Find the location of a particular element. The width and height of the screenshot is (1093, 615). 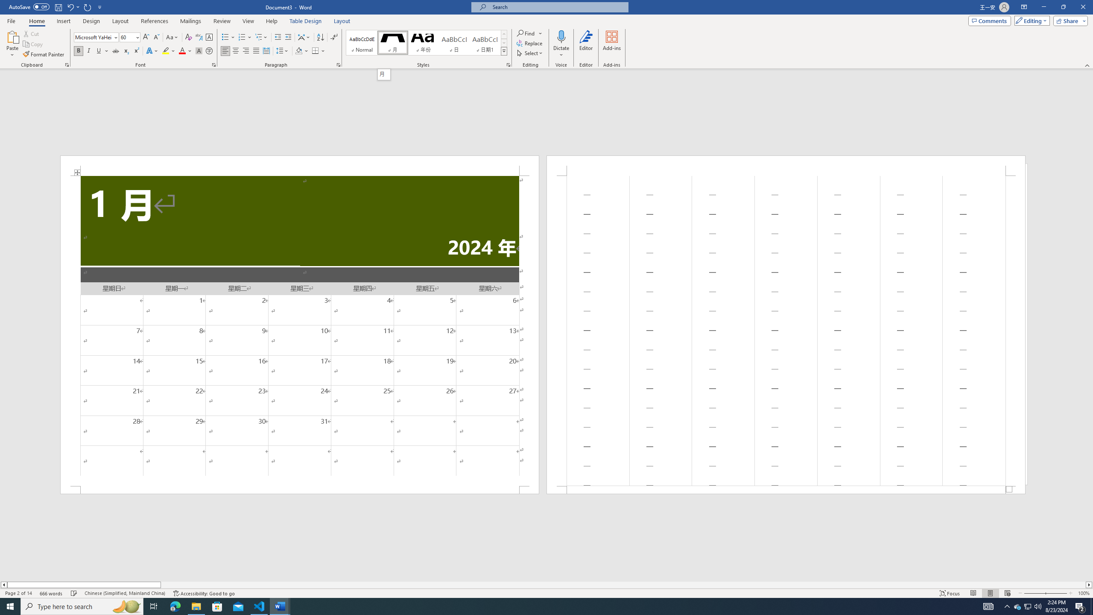

'Page 1 content' is located at coordinates (299, 330).